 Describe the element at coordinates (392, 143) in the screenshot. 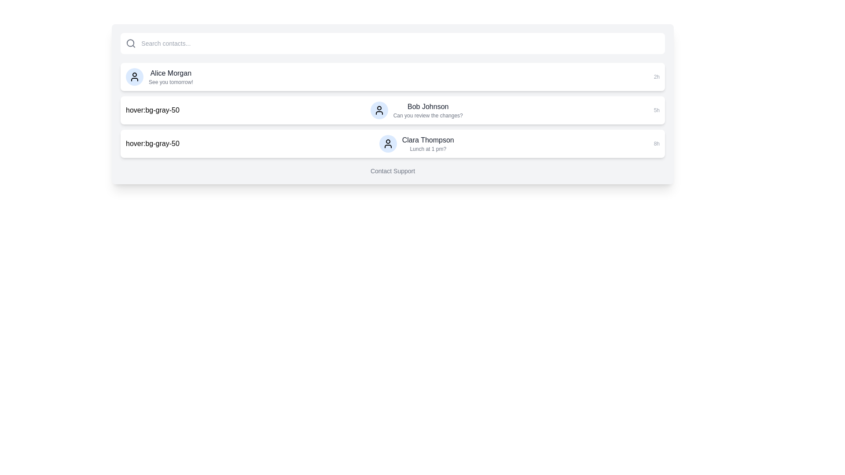

I see `the third contact card element, which displays 'Clara Thompson' and 'Lunch at 1 pm?'` at that location.